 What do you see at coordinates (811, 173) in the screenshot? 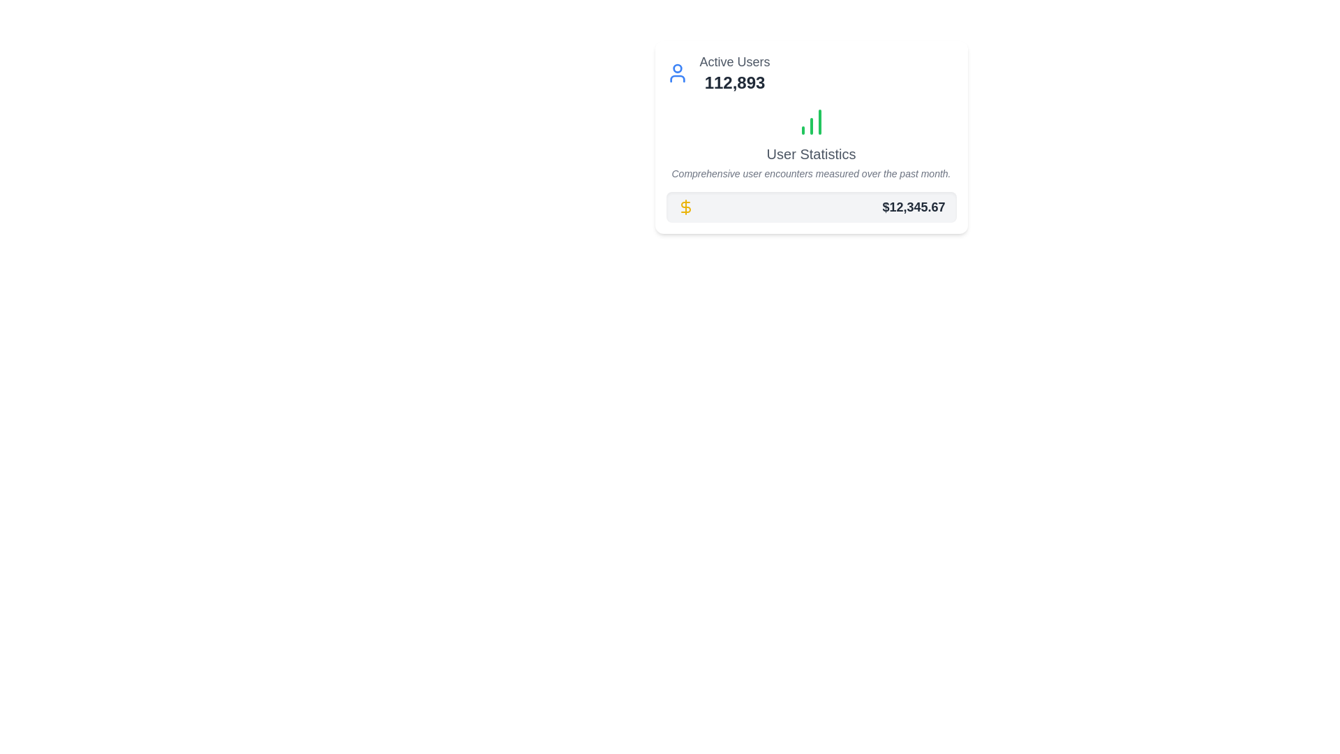
I see `supplementary description text label located directly beneath the 'User Statistics' title, which provides context about the data presented` at bounding box center [811, 173].